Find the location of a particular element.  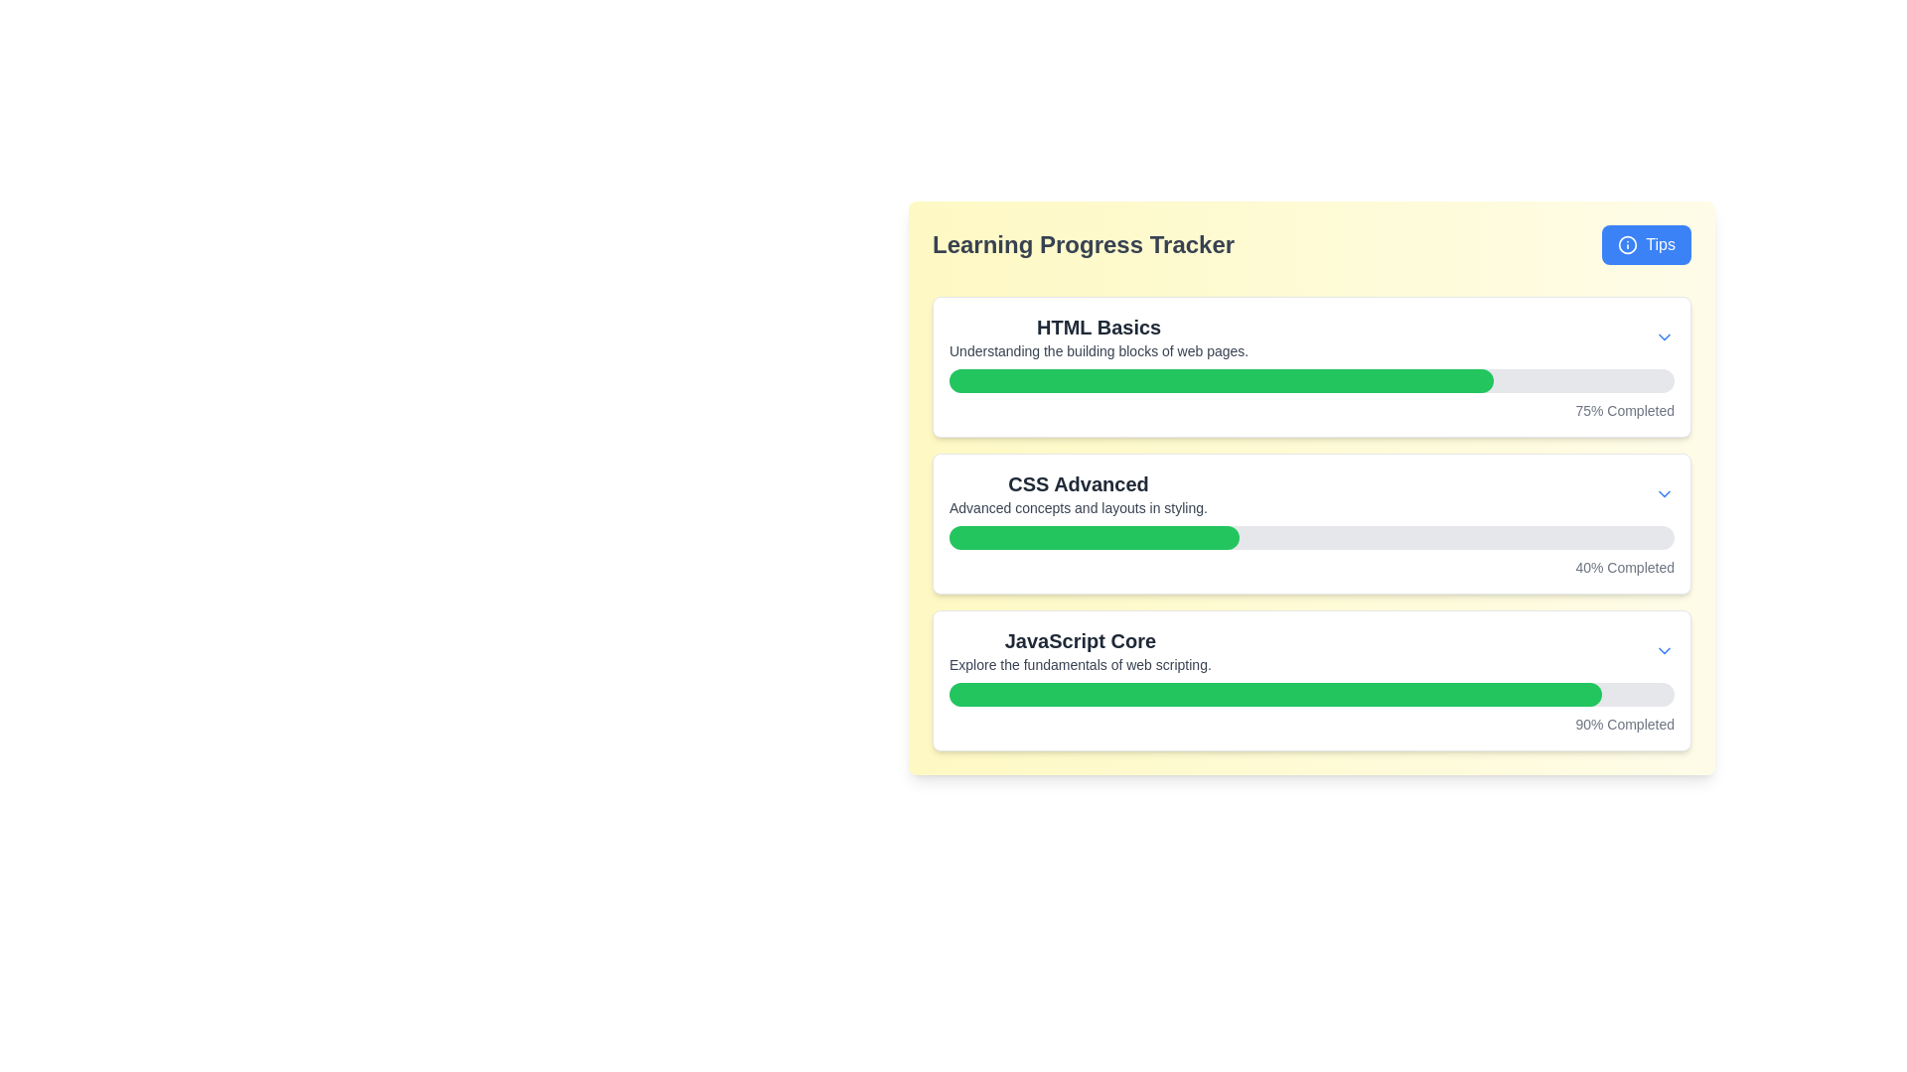

the 'HTML Basics' lesson text block, which introduces the user to the lesson and may navigate to a detailed page or expand a section is located at coordinates (1098, 335).